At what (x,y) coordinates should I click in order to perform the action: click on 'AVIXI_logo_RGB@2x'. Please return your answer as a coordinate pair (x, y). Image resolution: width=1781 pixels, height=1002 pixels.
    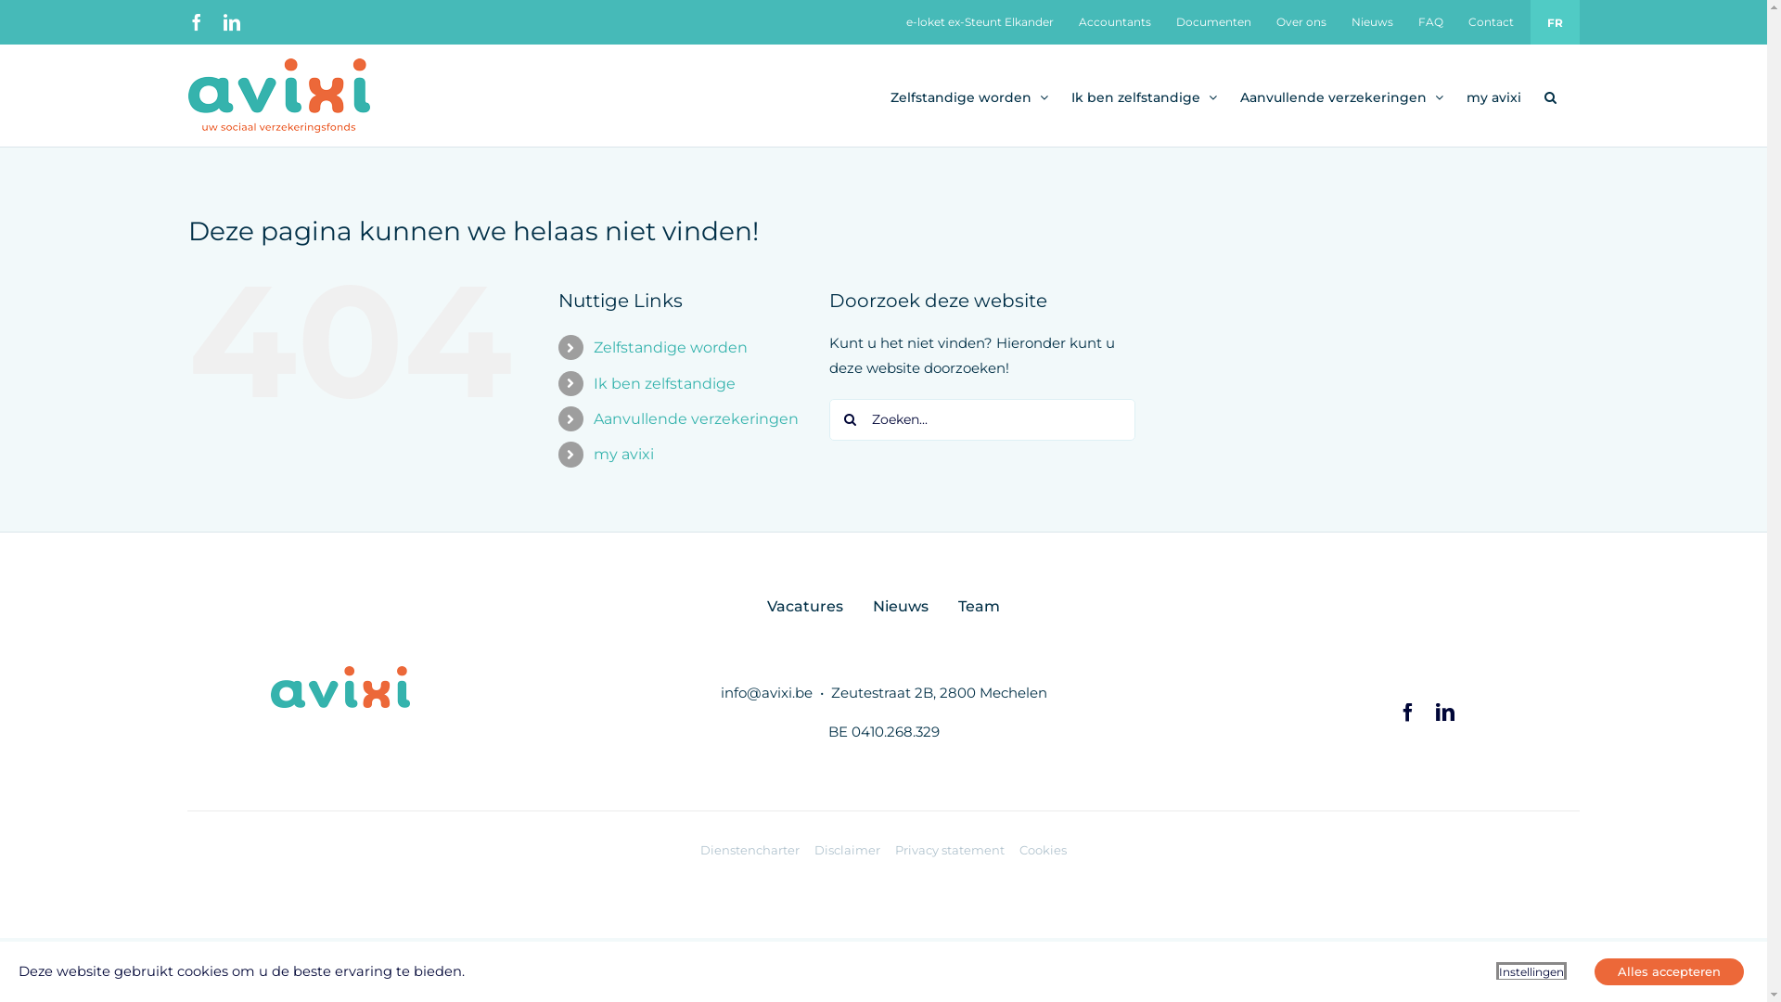
    Looking at the image, I should click on (270, 687).